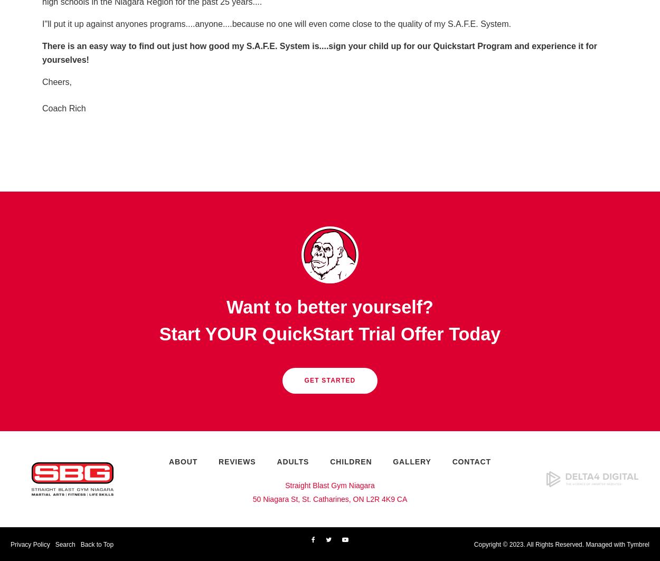 This screenshot has width=660, height=561. What do you see at coordinates (353, 498) in the screenshot?
I see `'ON'` at bounding box center [353, 498].